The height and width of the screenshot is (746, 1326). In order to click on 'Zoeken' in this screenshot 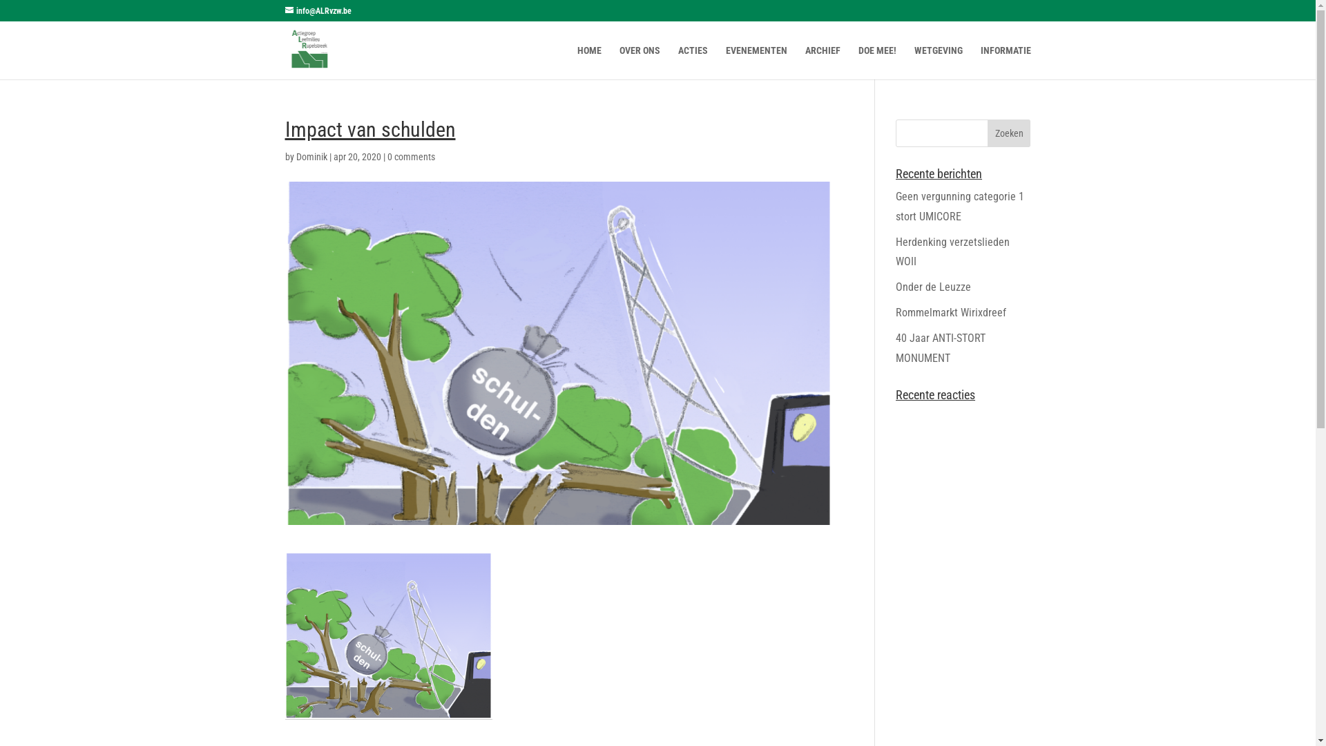, I will do `click(1009, 133)`.